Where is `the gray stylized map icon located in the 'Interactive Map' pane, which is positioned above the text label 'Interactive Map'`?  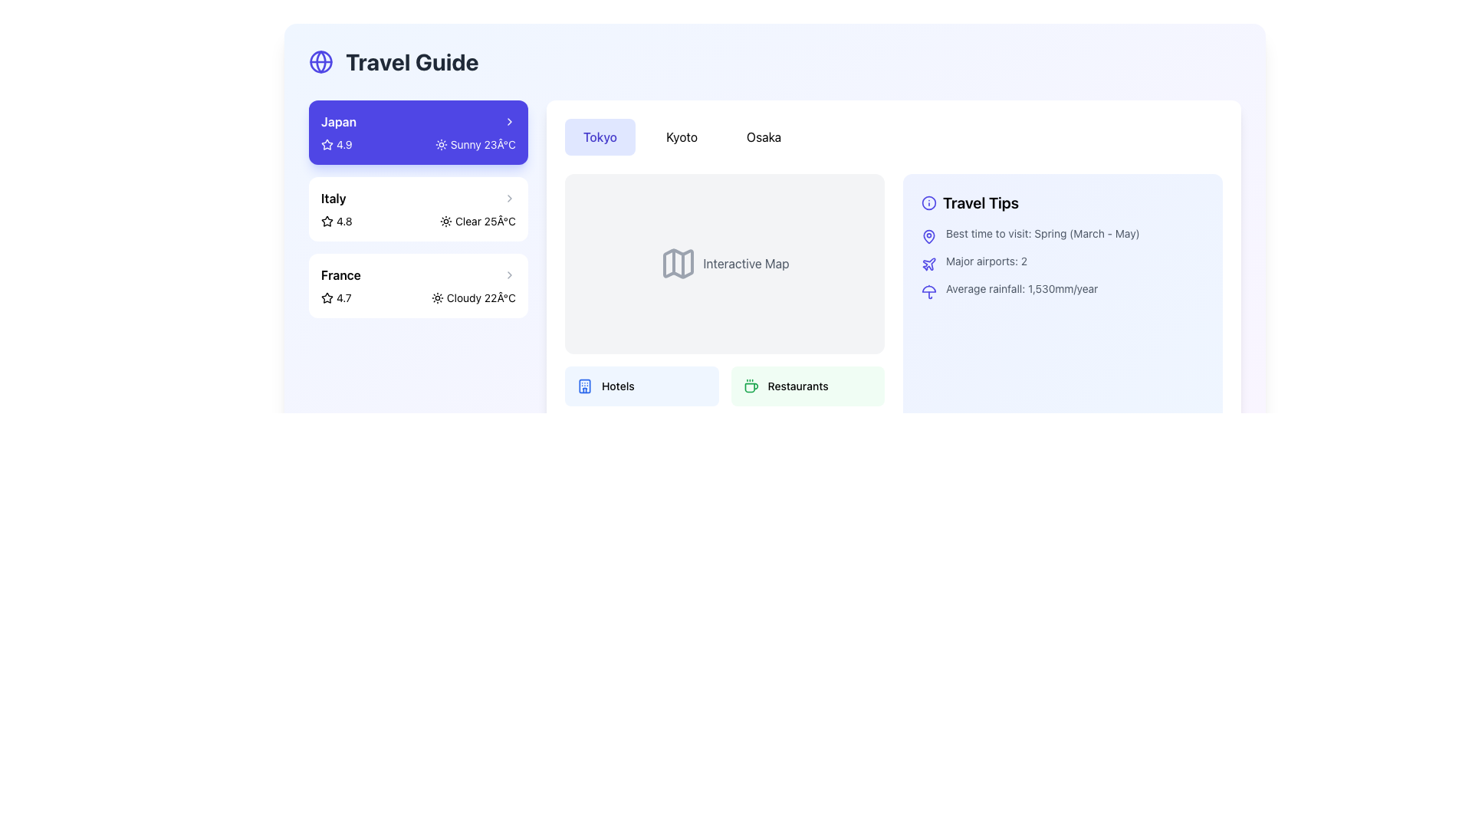 the gray stylized map icon located in the 'Interactive Map' pane, which is positioned above the text label 'Interactive Map' is located at coordinates (678, 263).